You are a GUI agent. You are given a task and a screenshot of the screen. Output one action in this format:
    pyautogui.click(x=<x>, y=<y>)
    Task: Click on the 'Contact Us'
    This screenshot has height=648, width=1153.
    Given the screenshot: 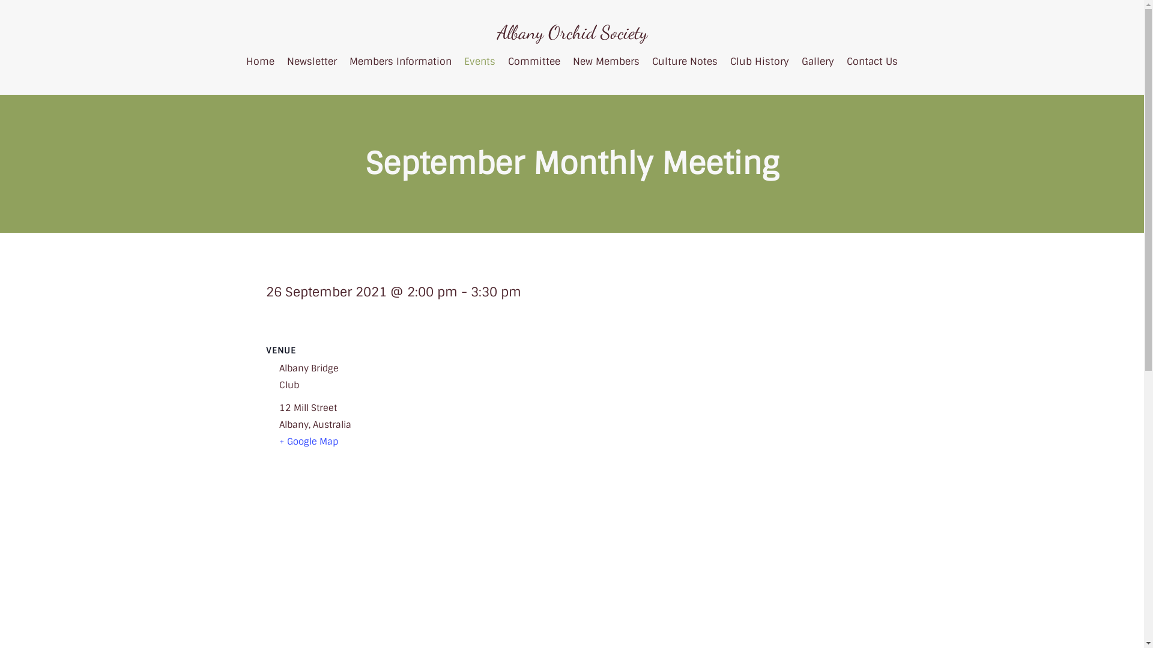 What is the action you would take?
    pyautogui.click(x=872, y=60)
    